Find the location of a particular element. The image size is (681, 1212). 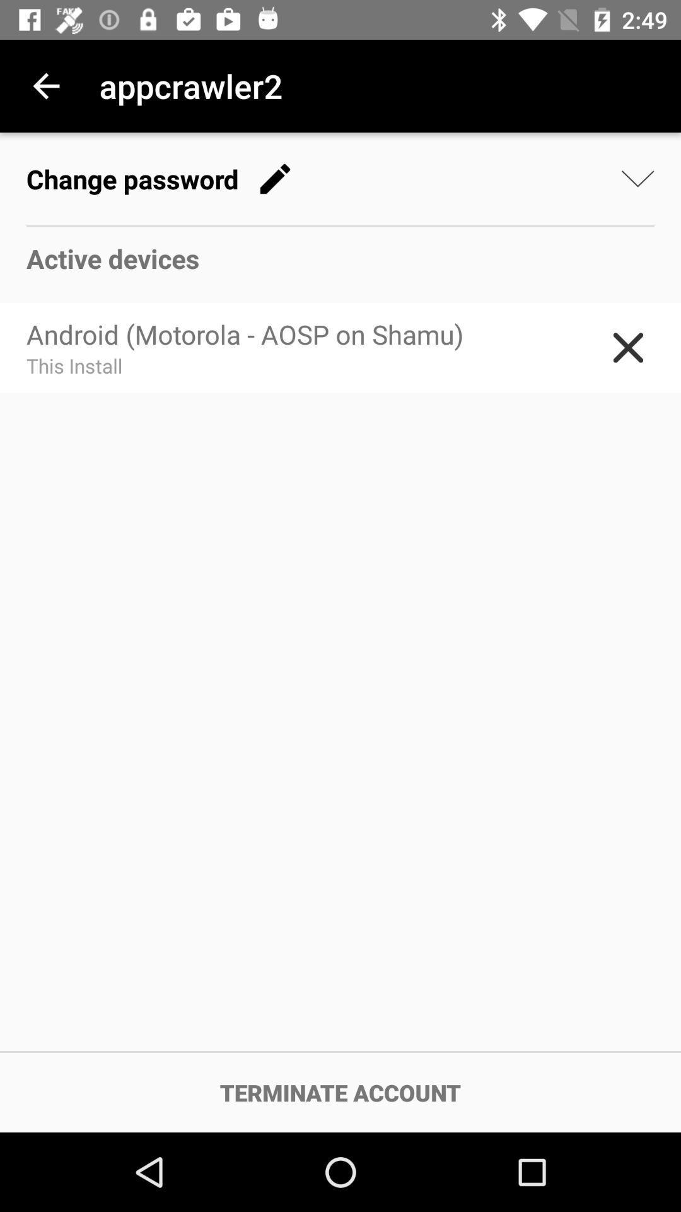

the item to the right of the android motorola aosp is located at coordinates (627, 347).